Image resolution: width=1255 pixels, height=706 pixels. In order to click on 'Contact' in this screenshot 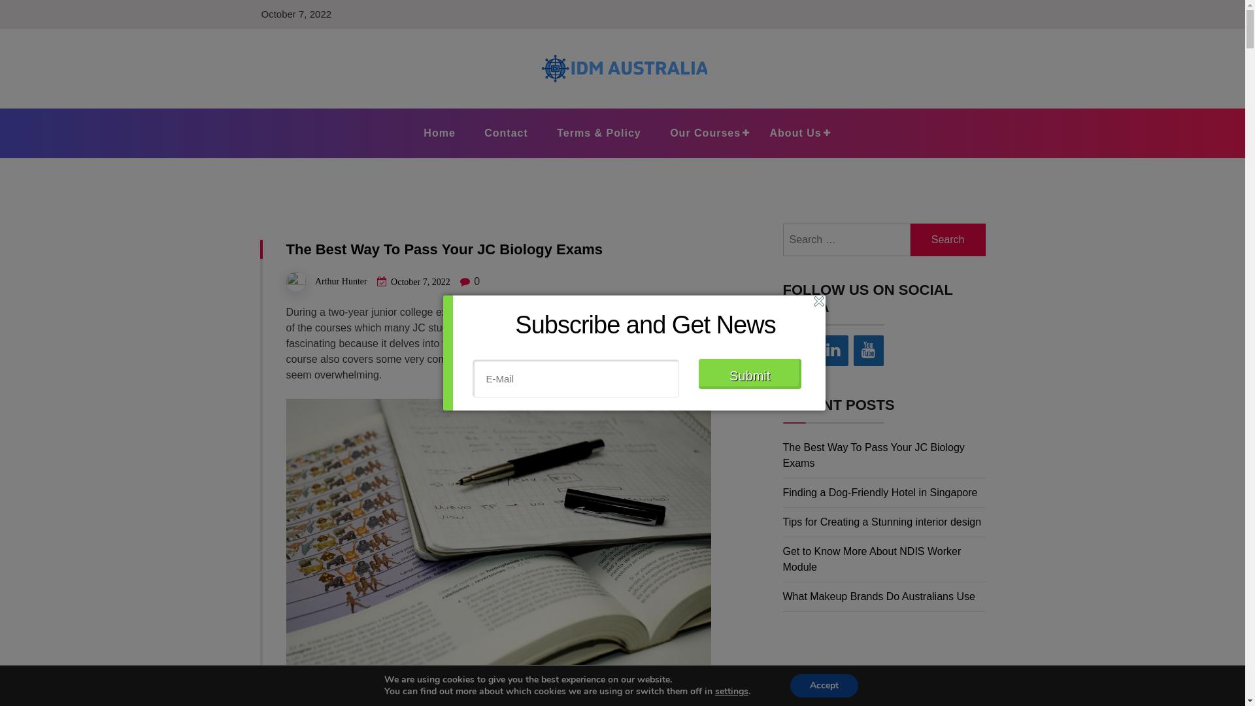, I will do `click(505, 133)`.